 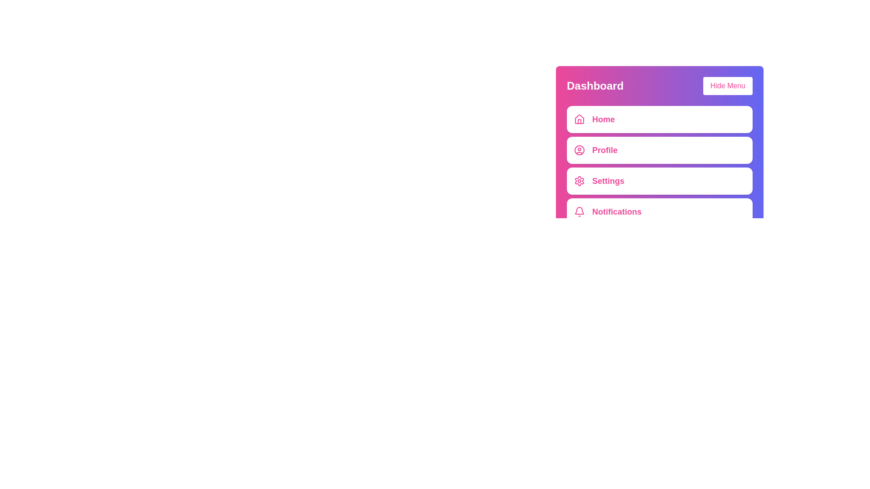 I want to click on the 'Hide Menu' button to toggle the menu visibility, so click(x=728, y=86).